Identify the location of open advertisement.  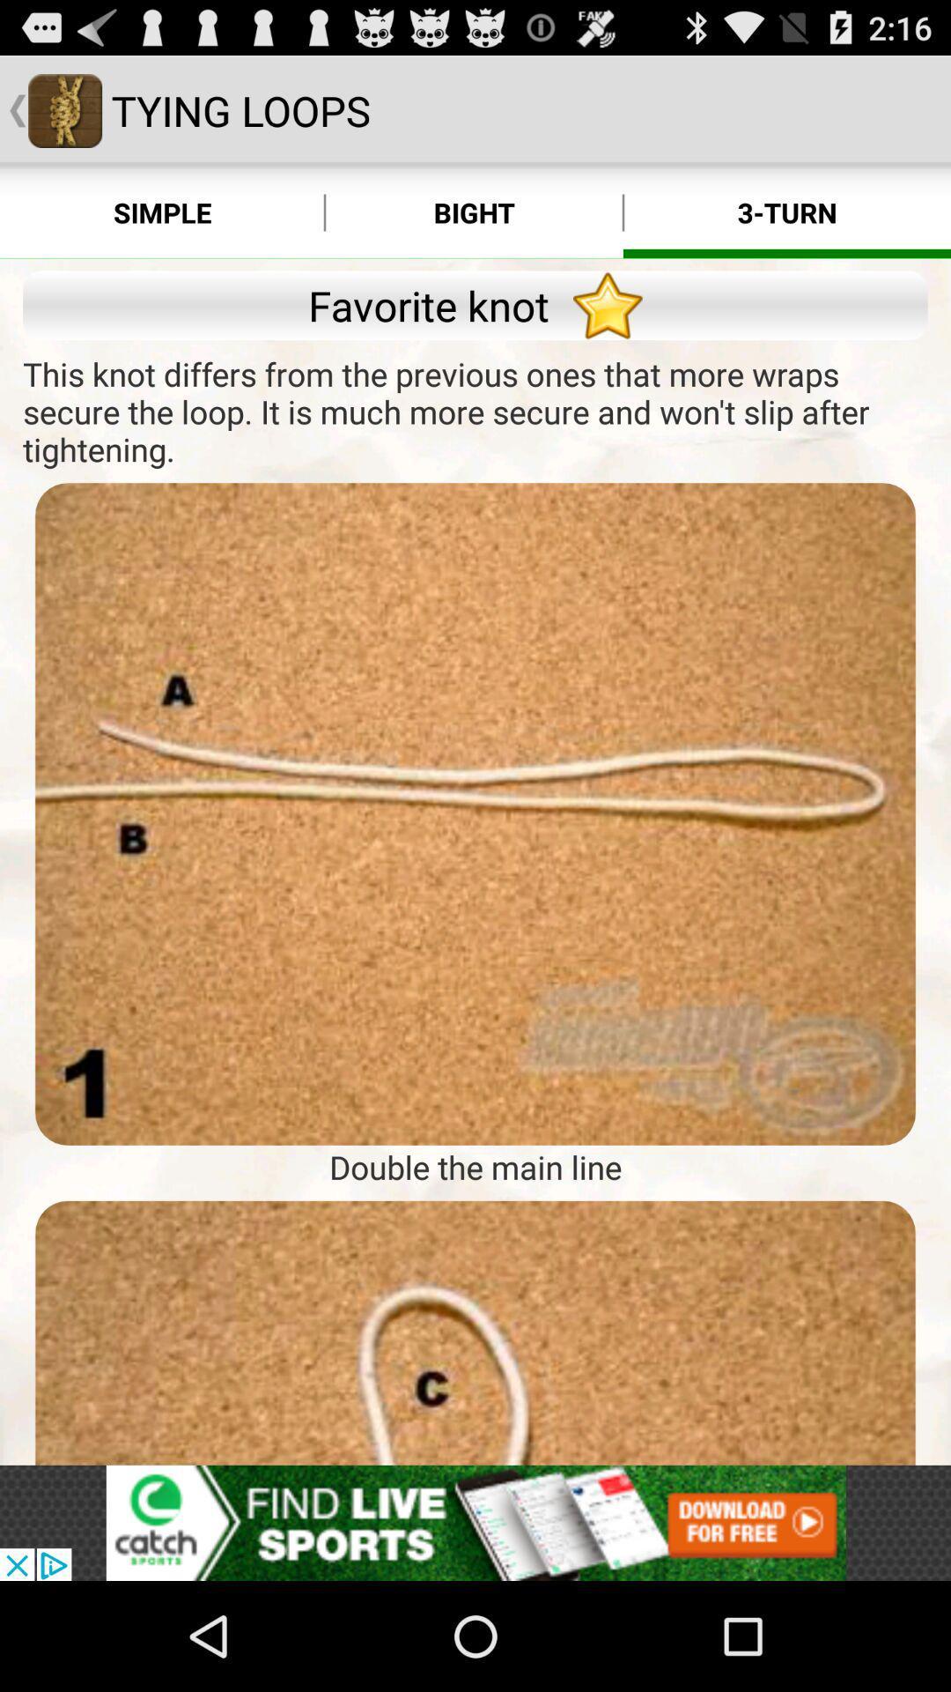
(475, 1522).